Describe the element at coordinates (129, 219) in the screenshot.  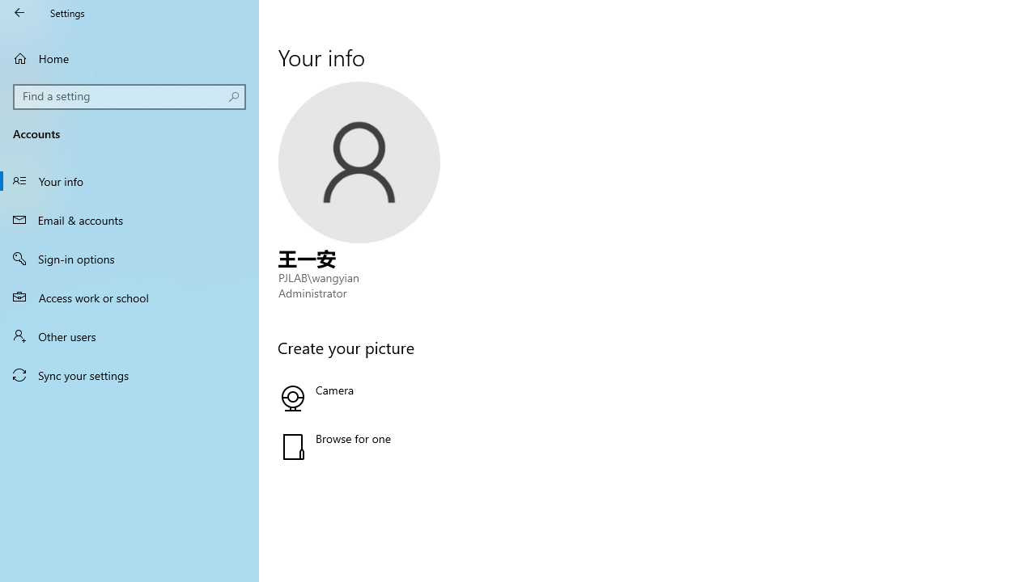
I see `'Email & accounts'` at that location.